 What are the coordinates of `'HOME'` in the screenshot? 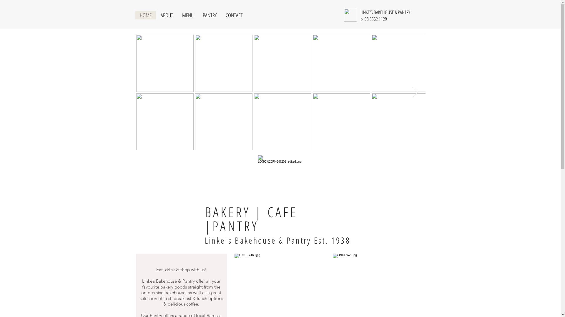 It's located at (145, 15).